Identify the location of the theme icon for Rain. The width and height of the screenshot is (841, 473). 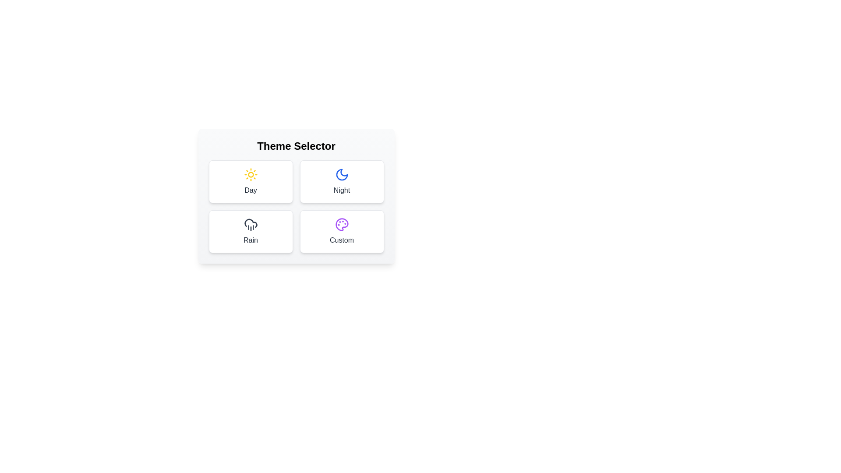
(250, 231).